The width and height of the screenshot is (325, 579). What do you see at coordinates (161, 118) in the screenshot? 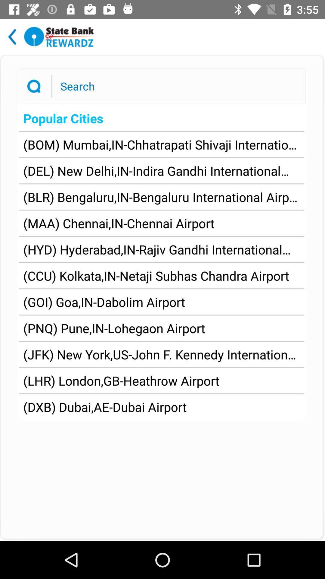
I see `icon above bom mumbai in app` at bounding box center [161, 118].